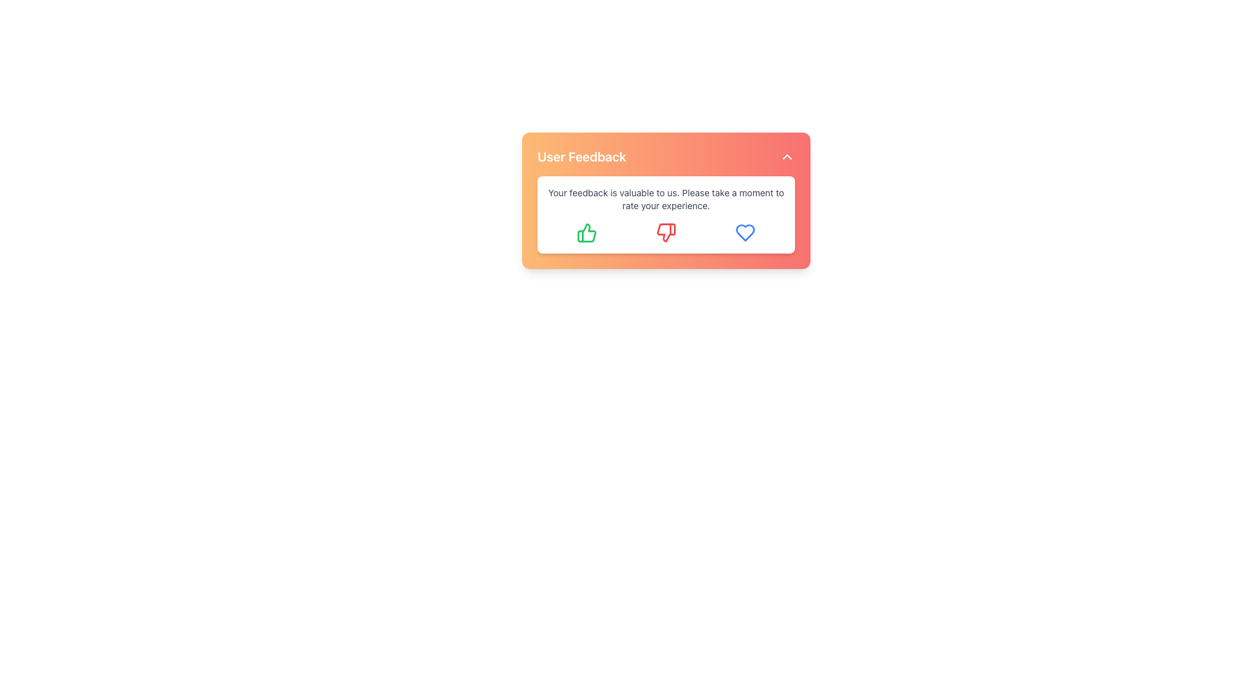 The image size is (1236, 695). What do you see at coordinates (665, 233) in the screenshot?
I see `the red thumbs-down icon button to provide negative feedback` at bounding box center [665, 233].